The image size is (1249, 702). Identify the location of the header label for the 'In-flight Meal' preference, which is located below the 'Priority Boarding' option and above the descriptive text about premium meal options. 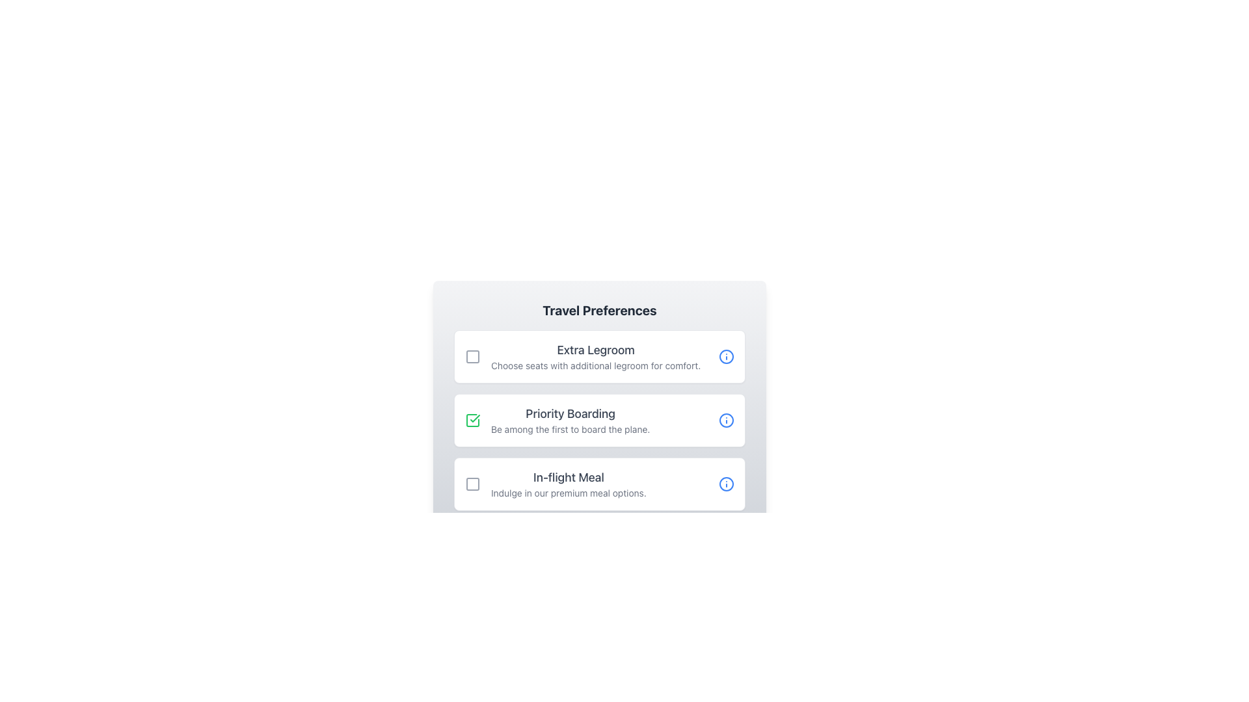
(569, 478).